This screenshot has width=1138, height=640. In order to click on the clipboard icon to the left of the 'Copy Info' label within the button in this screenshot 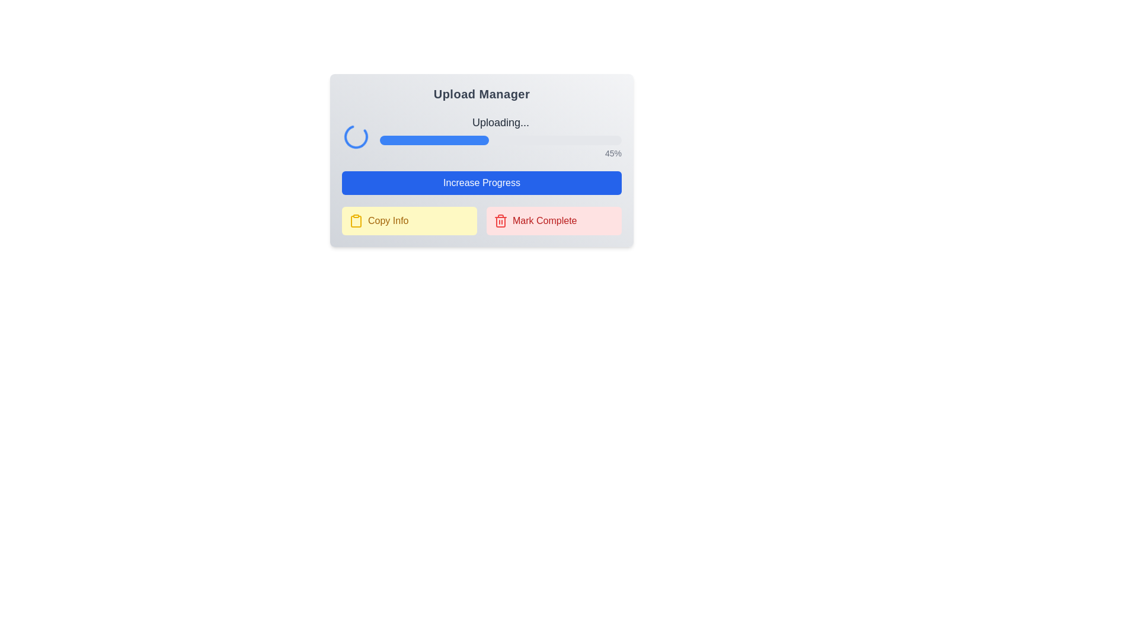, I will do `click(355, 221)`.